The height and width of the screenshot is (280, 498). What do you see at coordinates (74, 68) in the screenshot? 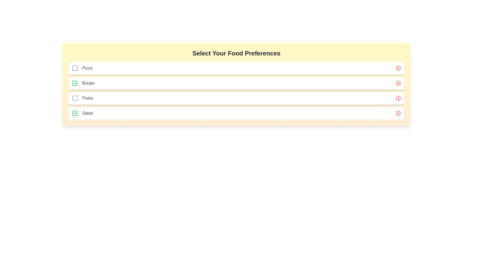
I see `the checkbox located to the left of the 'Pizza' label` at bounding box center [74, 68].